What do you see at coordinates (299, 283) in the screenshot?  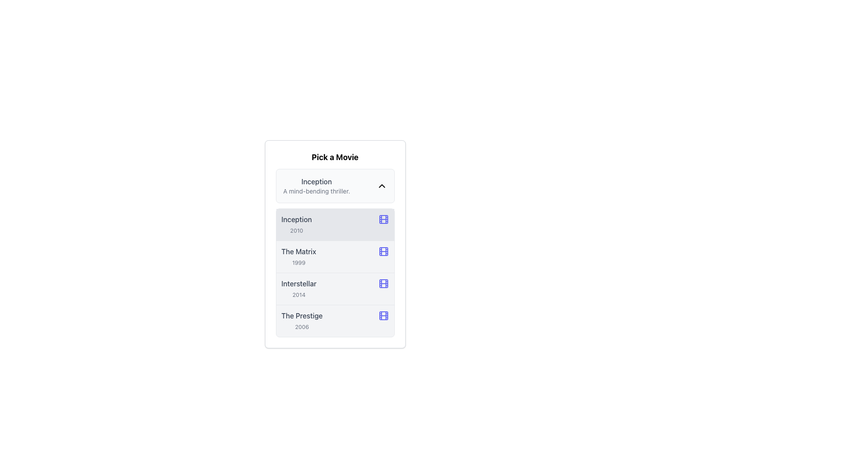 I see `text label displaying 'Interstellar' which is located in the third item of a vertically stacked list, between 'The Matrix' and 'The Prestige'` at bounding box center [299, 283].